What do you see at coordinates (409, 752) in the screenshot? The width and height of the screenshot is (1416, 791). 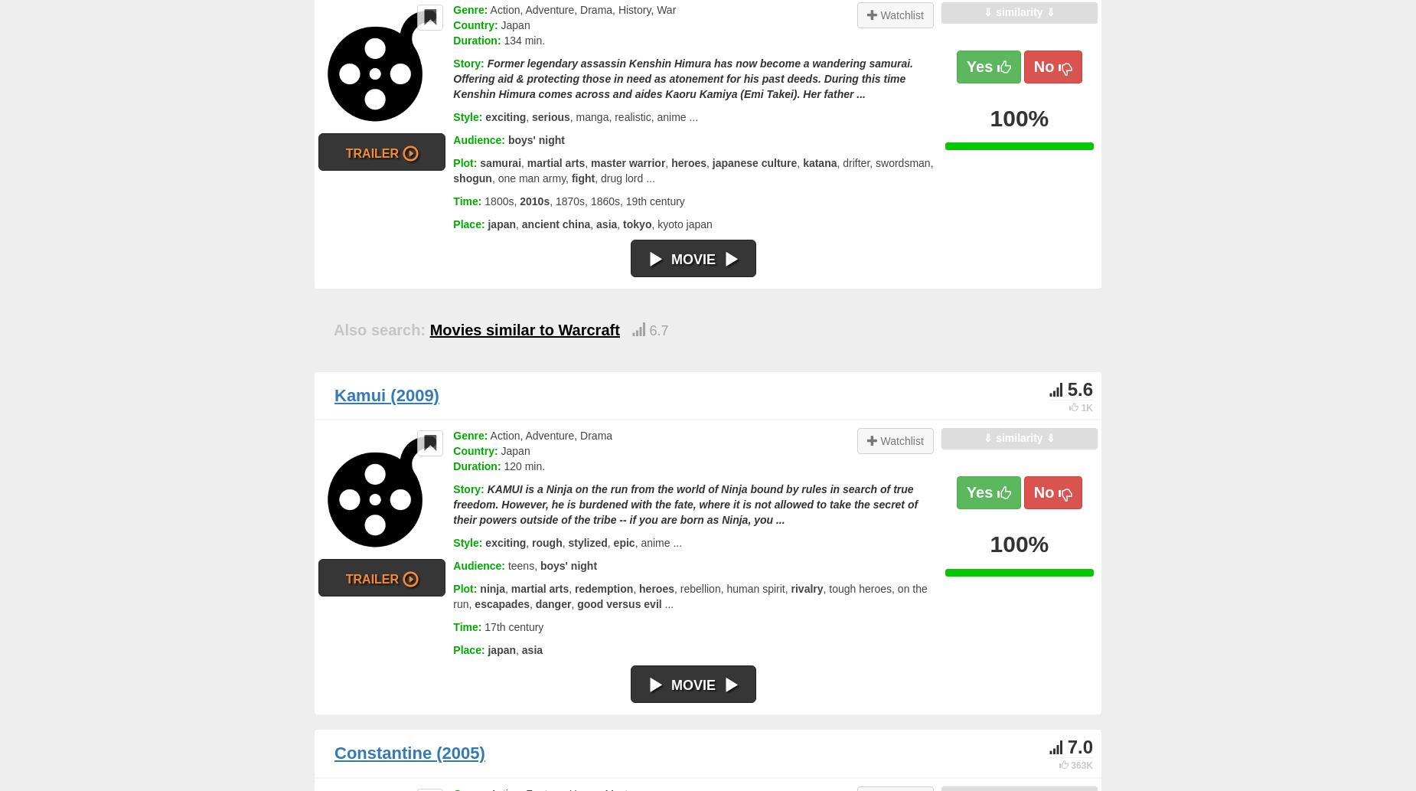 I see `'Constantine (2005)'` at bounding box center [409, 752].